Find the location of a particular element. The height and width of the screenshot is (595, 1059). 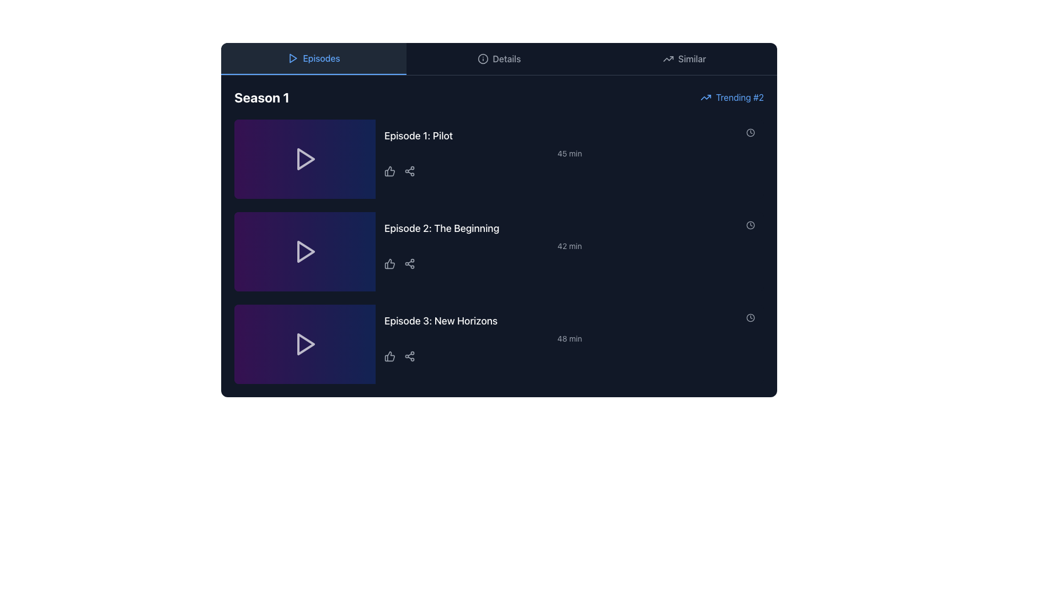

the triangular play icon button located in the first card of the vertical list of episodes, which is on the left side of the Episode 1 card is located at coordinates (306, 159).